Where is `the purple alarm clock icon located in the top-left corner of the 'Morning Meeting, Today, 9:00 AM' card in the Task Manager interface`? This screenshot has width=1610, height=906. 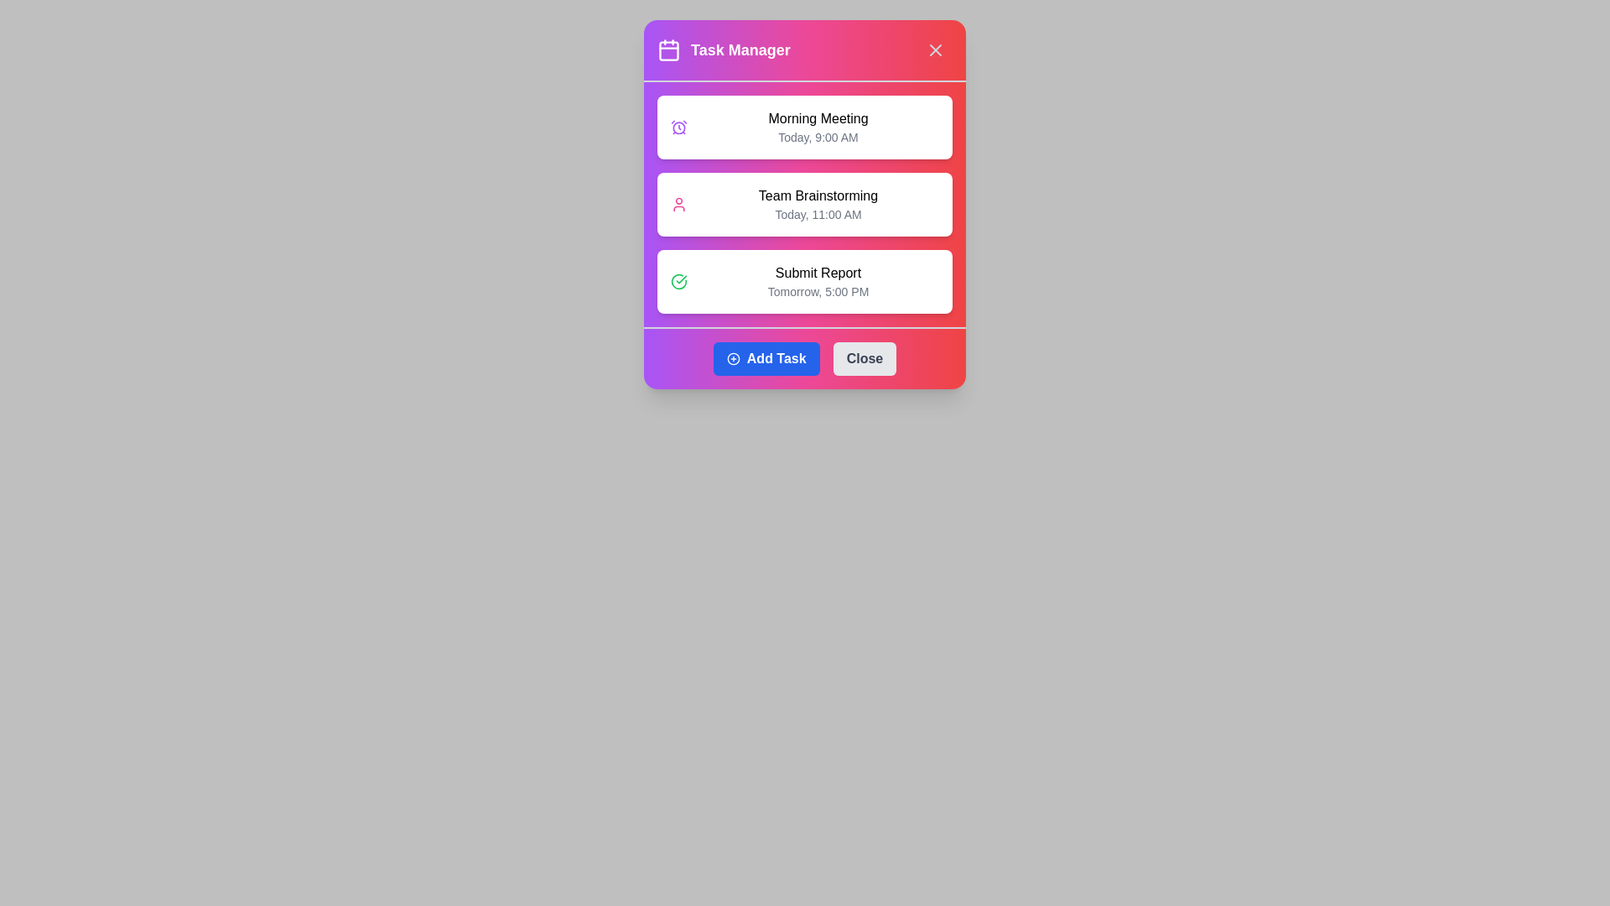
the purple alarm clock icon located in the top-left corner of the 'Morning Meeting, Today, 9:00 AM' card in the Task Manager interface is located at coordinates (679, 126).